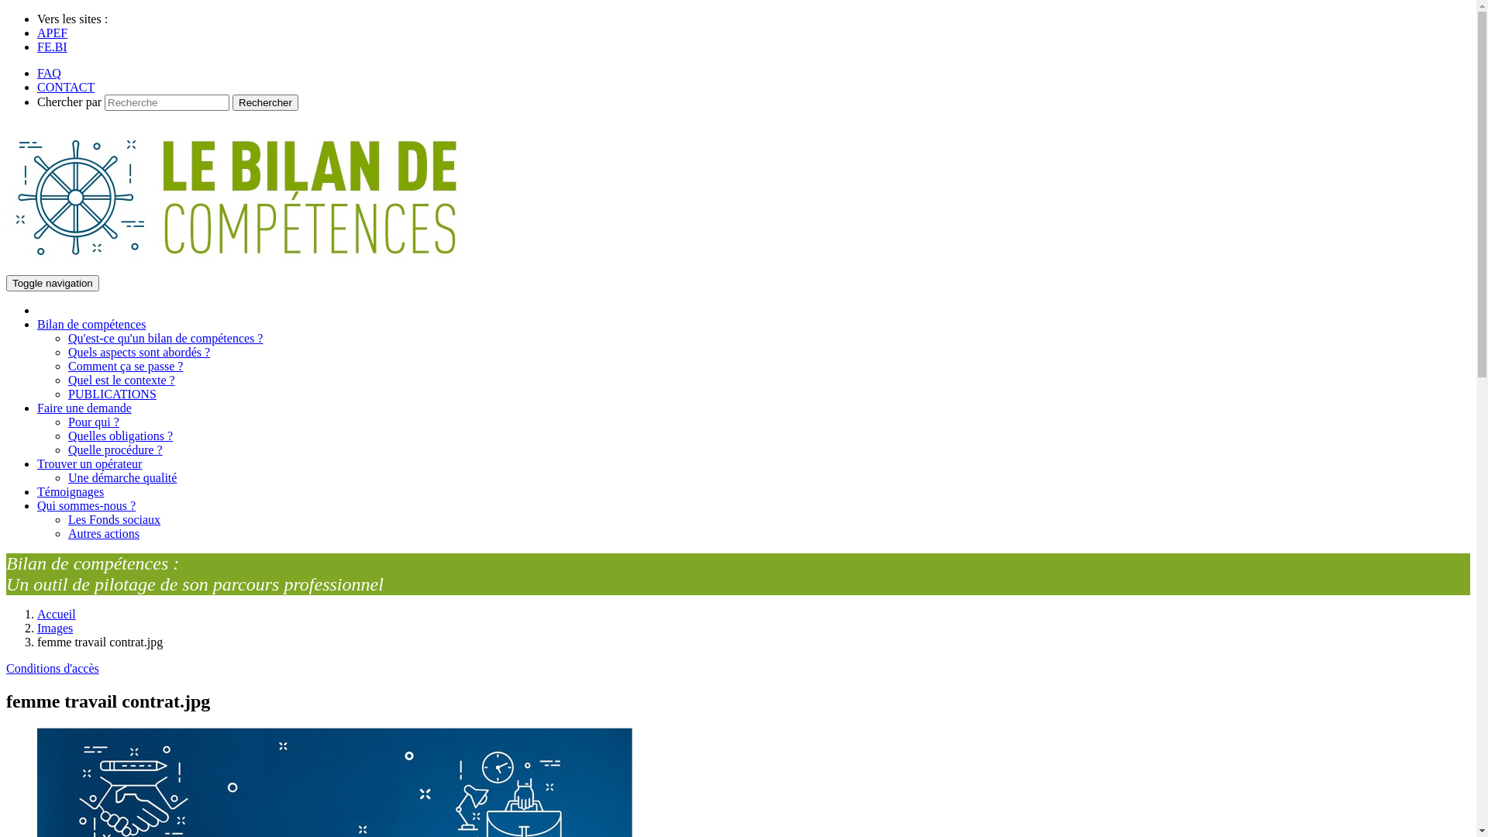 This screenshot has height=837, width=1488. Describe the element at coordinates (84, 407) in the screenshot. I see `'Faire une demande'` at that location.